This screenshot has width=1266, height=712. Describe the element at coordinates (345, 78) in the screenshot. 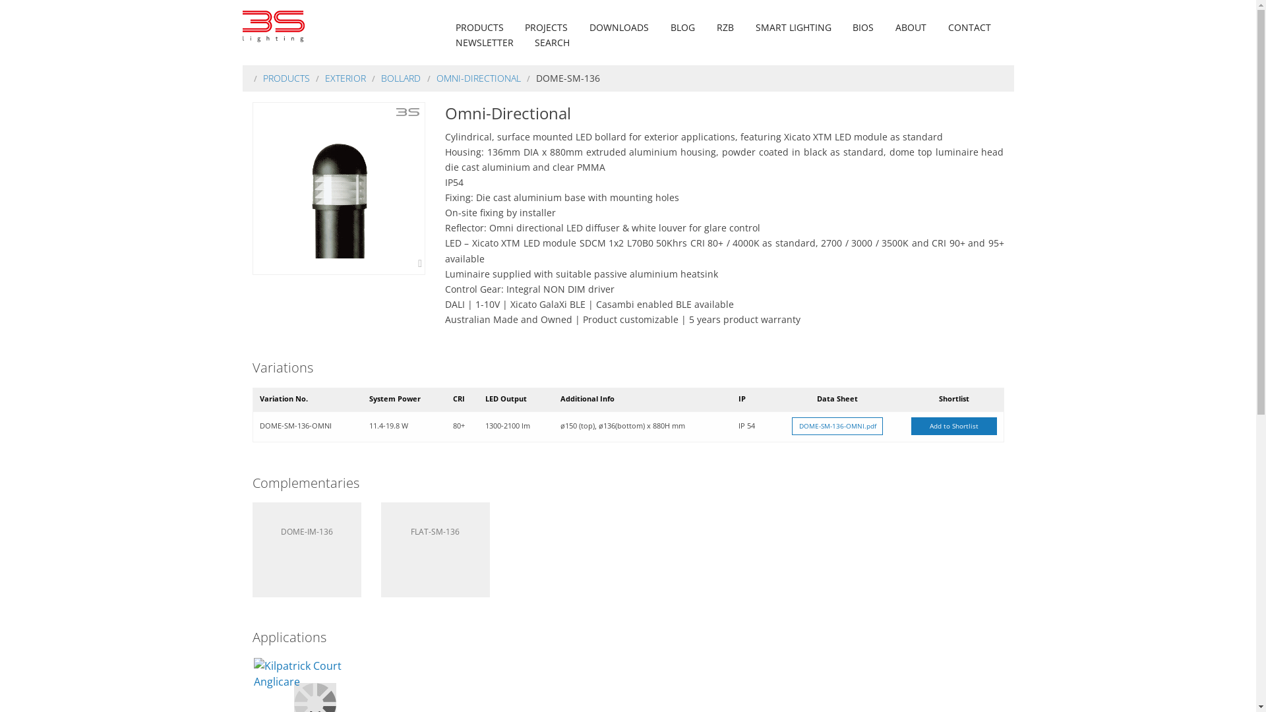

I see `'EXTERIOR'` at that location.